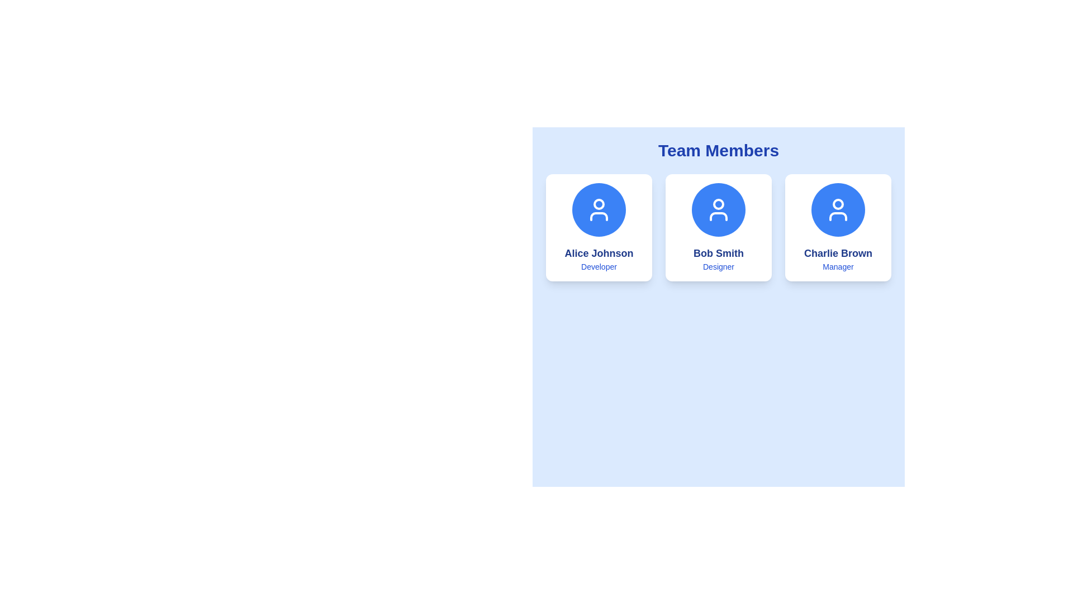 This screenshot has width=1073, height=603. I want to click on text label containing the word 'Designer' which is displayed in a small-sized font and styled in blue color, located below the name 'Bob Smith' in the middle card of the 'Team Members' section, so click(719, 267).